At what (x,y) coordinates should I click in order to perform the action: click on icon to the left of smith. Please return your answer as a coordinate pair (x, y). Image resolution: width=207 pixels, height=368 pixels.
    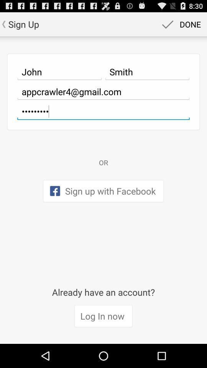
    Looking at the image, I should click on (59, 72).